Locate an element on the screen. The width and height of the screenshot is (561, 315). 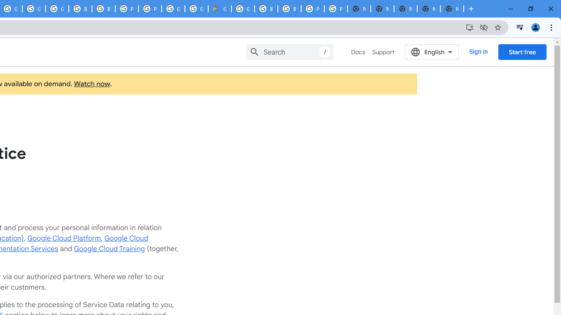
'Browse Chrome as a guest - Computer - Google Chrome Help' is located at coordinates (80, 9).